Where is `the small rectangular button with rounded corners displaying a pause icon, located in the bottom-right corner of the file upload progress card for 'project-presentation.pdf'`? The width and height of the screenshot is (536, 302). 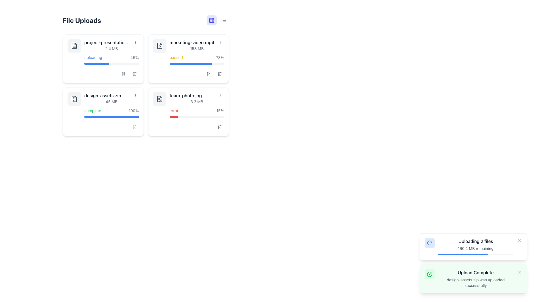
the small rectangular button with rounded corners displaying a pause icon, located in the bottom-right corner of the file upload progress card for 'project-presentation.pdf' is located at coordinates (123, 73).